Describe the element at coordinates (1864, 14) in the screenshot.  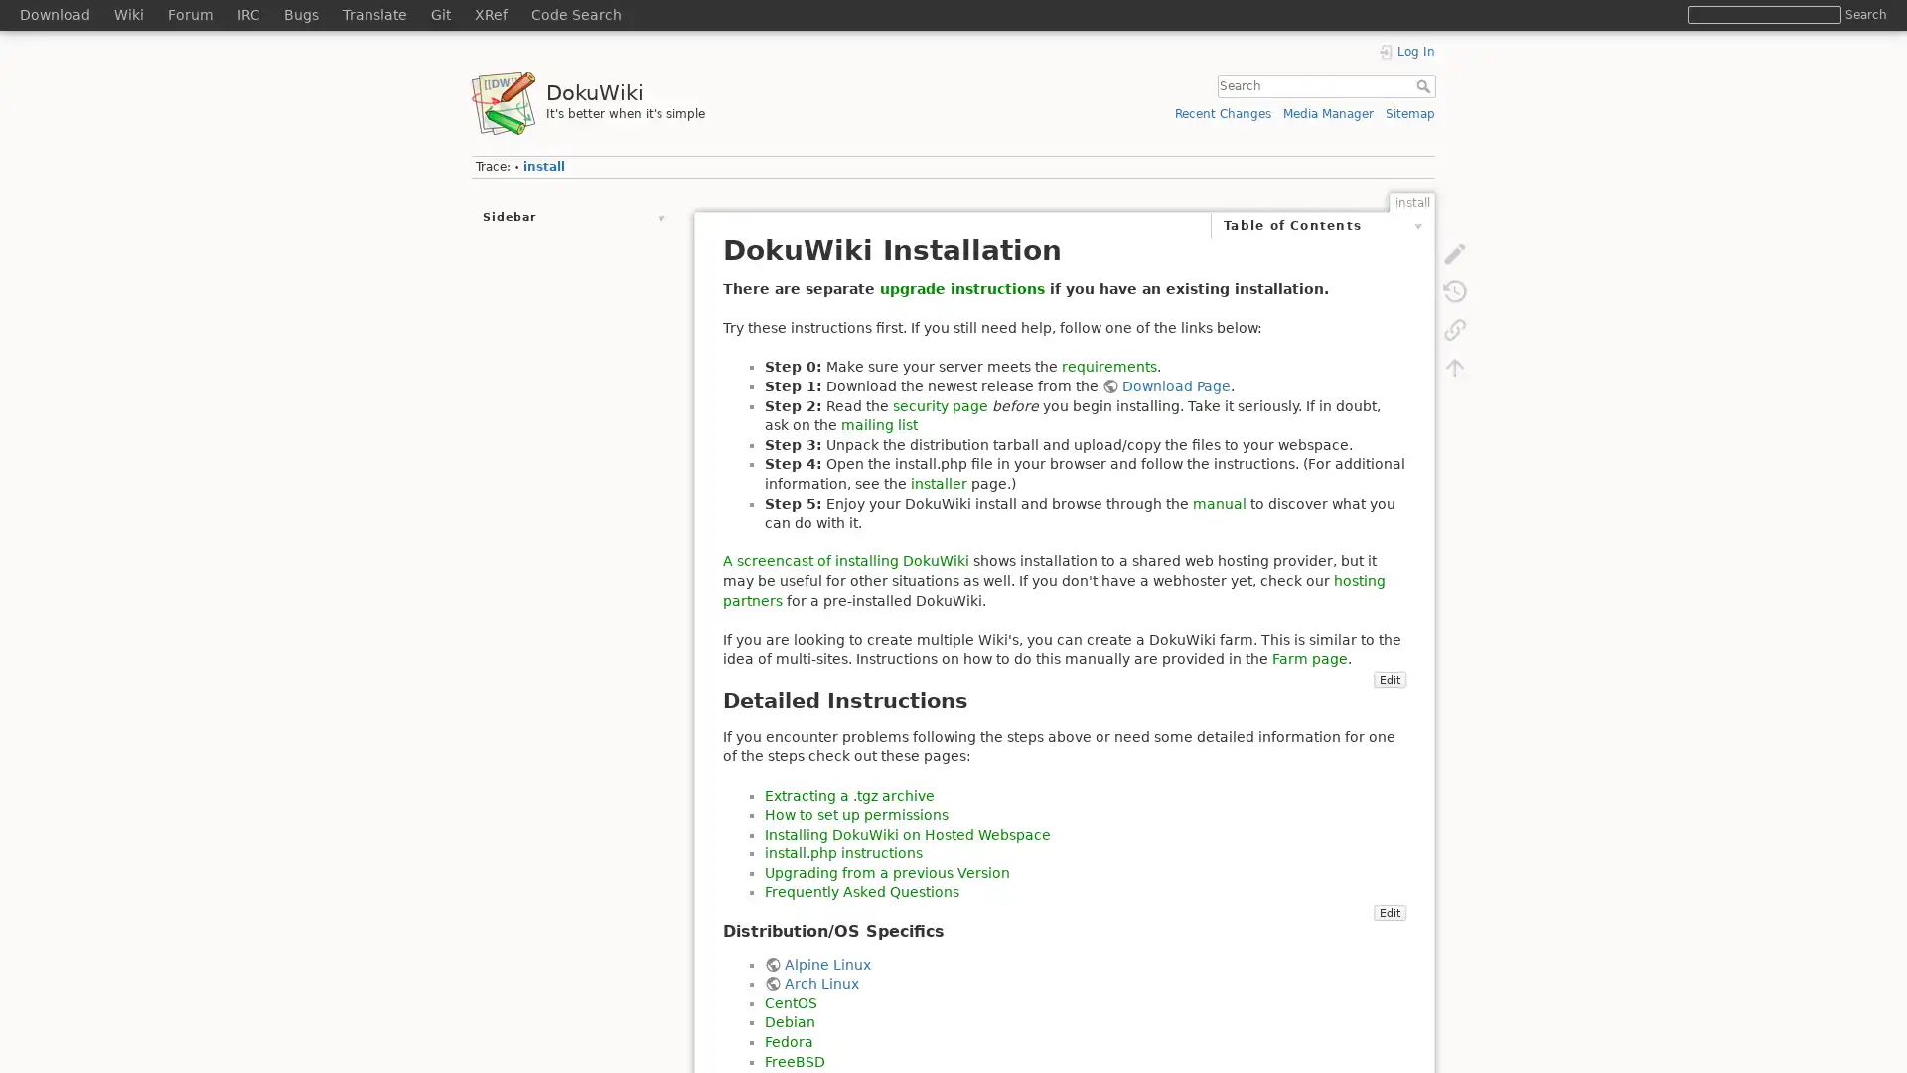
I see `Search` at that location.